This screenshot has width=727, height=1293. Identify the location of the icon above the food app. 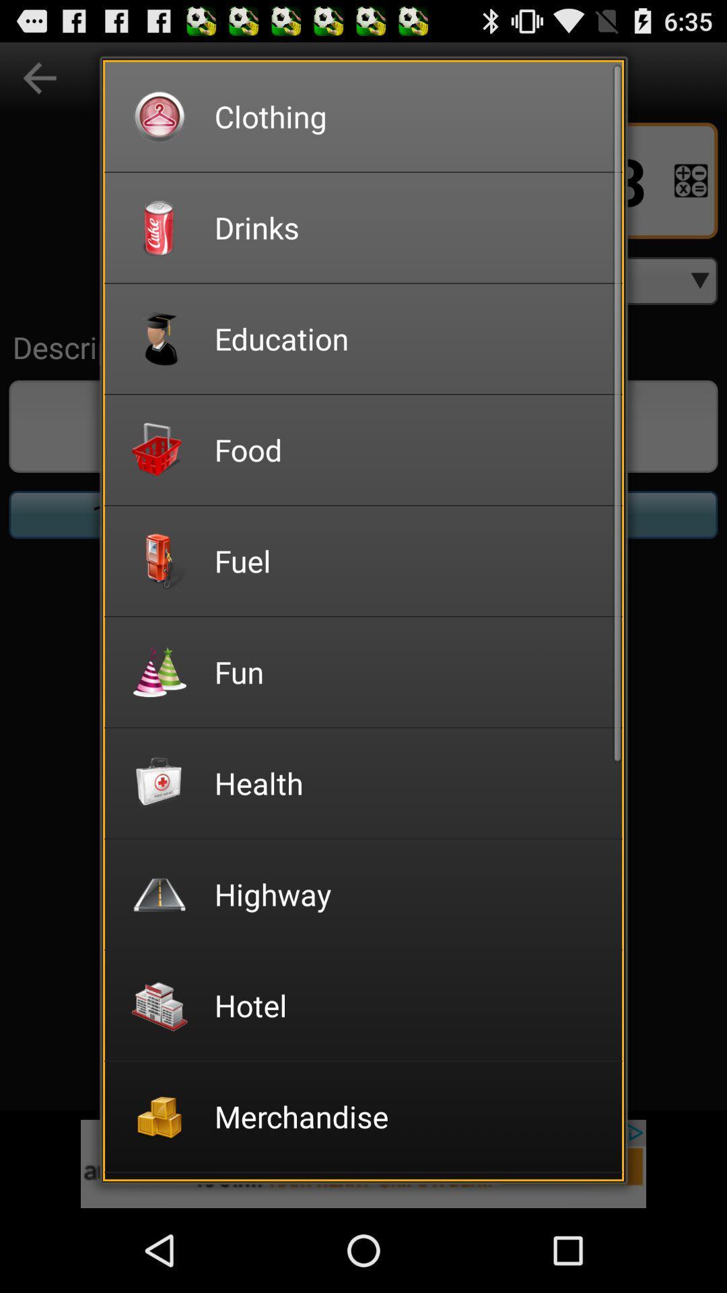
(409, 338).